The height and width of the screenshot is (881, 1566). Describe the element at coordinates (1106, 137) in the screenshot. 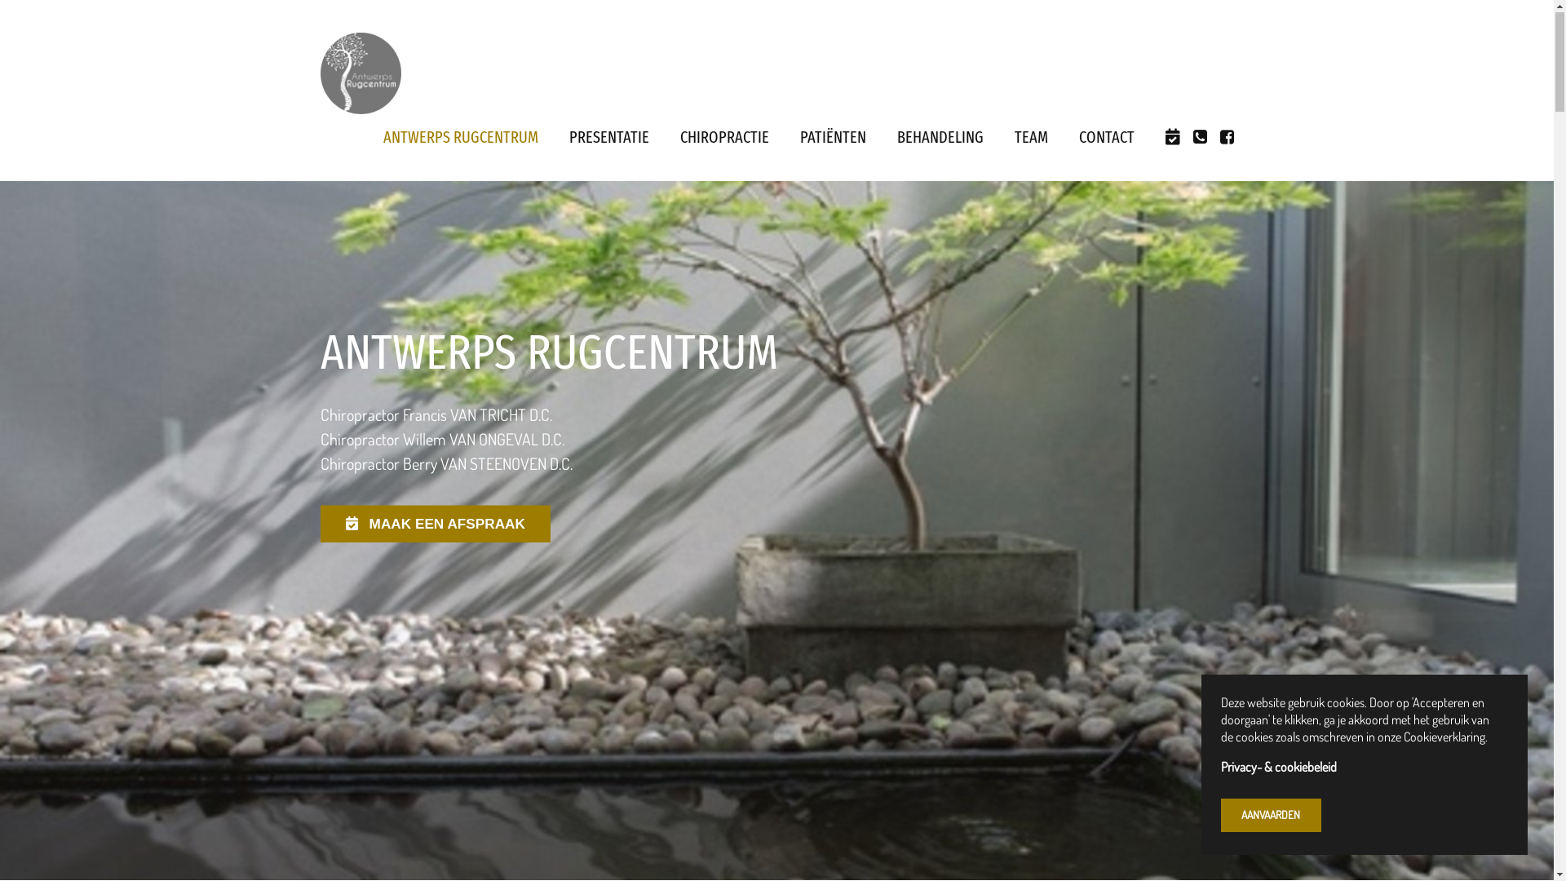

I see `'CONTACT'` at that location.